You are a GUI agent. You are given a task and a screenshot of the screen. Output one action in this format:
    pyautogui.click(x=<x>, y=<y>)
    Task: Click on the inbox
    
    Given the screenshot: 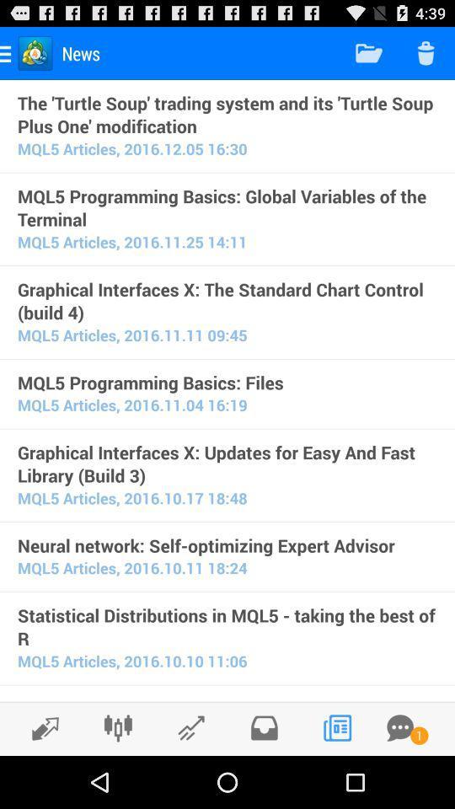 What is the action you would take?
    pyautogui.click(x=264, y=727)
    